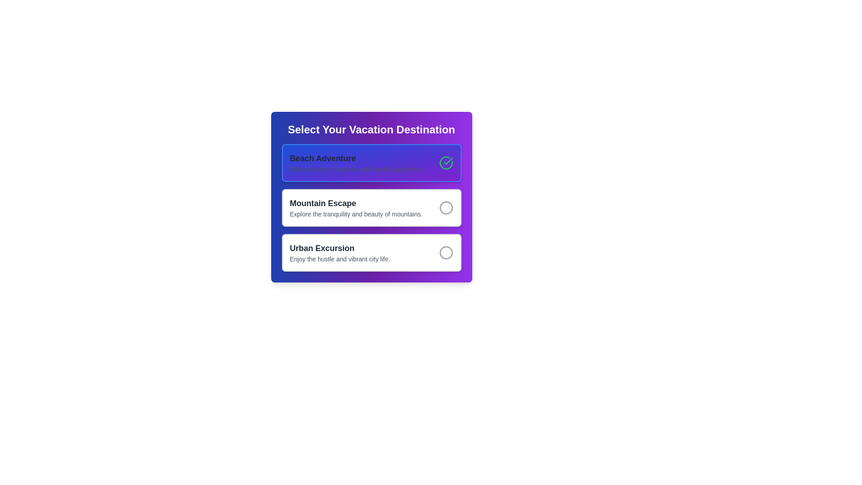  I want to click on the Selectable List Item labeled 'Mountain Escape' to navigate via keyboard, so click(371, 197).